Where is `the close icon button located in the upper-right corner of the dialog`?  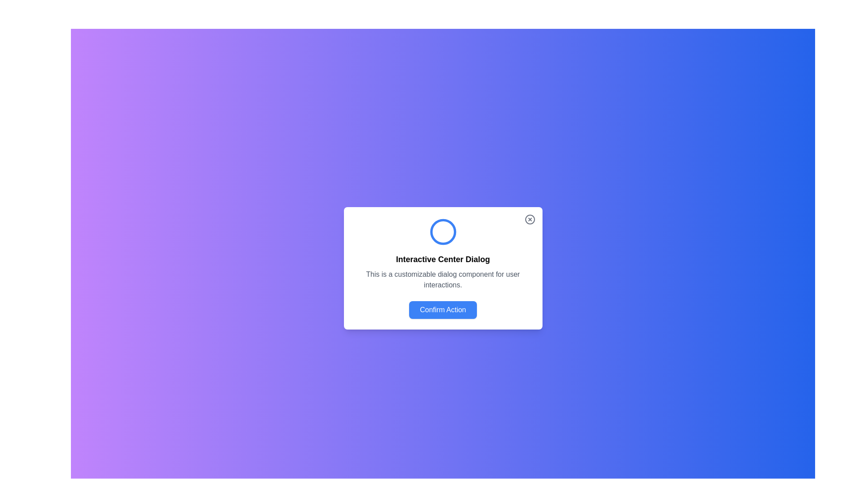
the close icon button located in the upper-right corner of the dialog is located at coordinates (530, 219).